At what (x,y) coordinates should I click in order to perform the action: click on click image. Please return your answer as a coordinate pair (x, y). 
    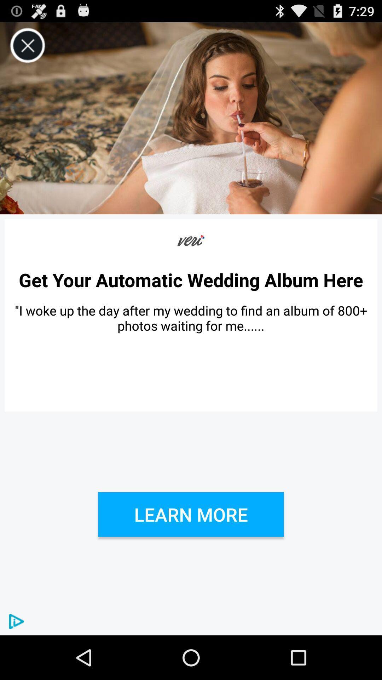
    Looking at the image, I should click on (191, 118).